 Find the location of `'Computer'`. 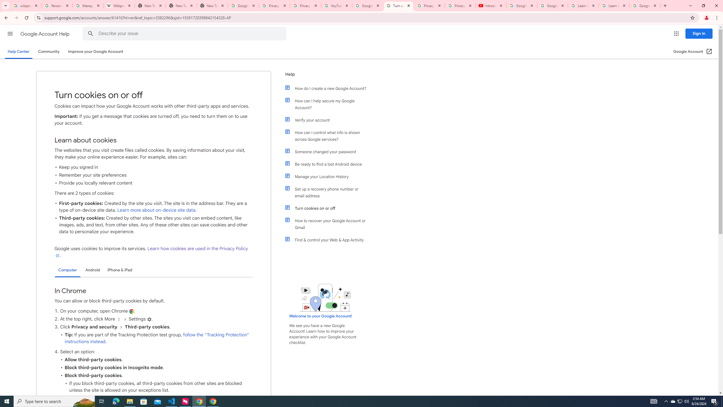

'Computer' is located at coordinates (67, 270).